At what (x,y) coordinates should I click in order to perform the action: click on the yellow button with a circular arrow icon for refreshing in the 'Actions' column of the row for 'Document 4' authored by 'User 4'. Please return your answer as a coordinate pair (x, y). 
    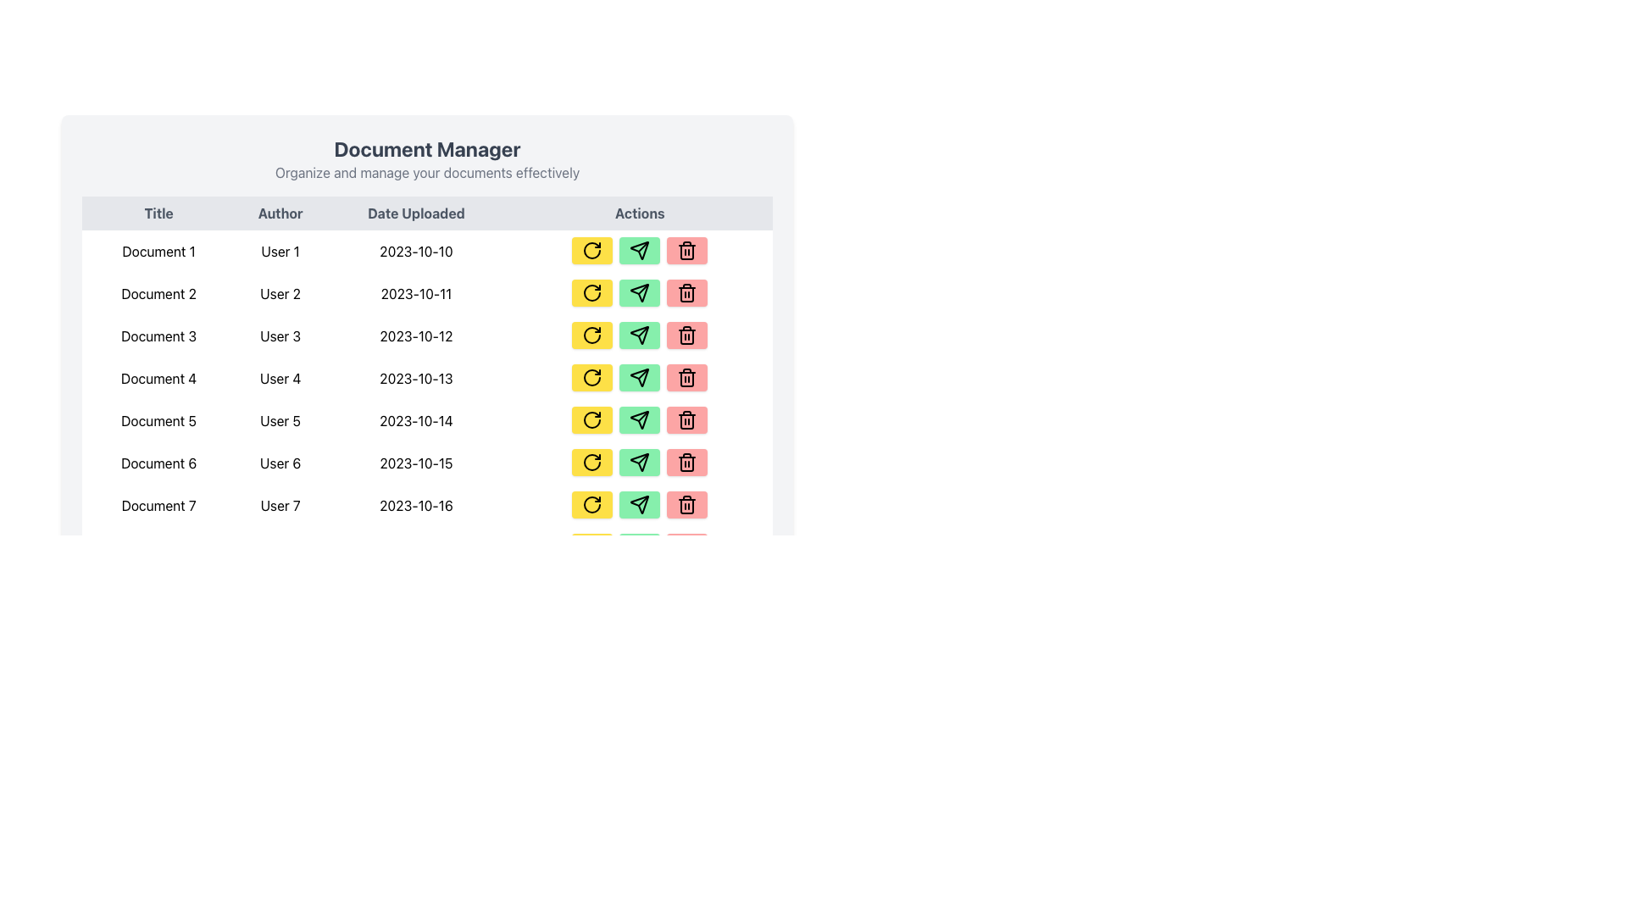
    Looking at the image, I should click on (592, 377).